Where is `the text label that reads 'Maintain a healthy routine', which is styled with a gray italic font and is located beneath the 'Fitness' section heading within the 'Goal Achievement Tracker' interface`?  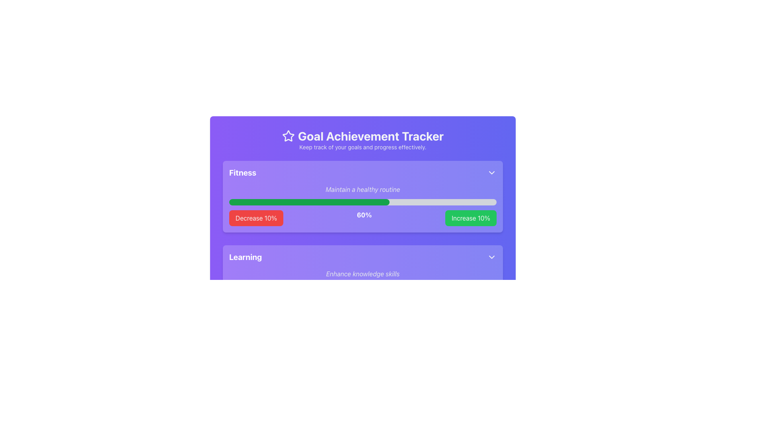 the text label that reads 'Maintain a healthy routine', which is styled with a gray italic font and is located beneath the 'Fitness' section heading within the 'Goal Achievement Tracker' interface is located at coordinates (363, 189).